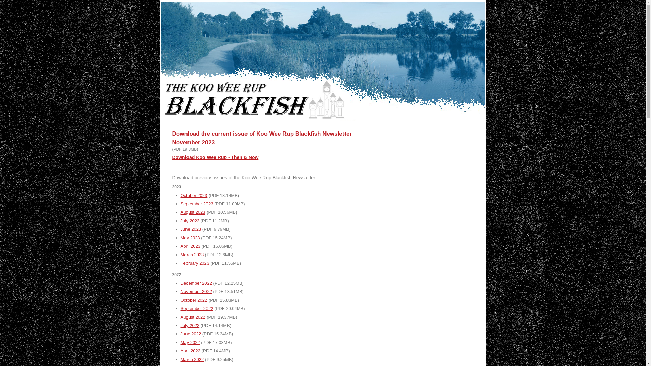 This screenshot has width=651, height=366. What do you see at coordinates (180, 221) in the screenshot?
I see `'July 2023'` at bounding box center [180, 221].